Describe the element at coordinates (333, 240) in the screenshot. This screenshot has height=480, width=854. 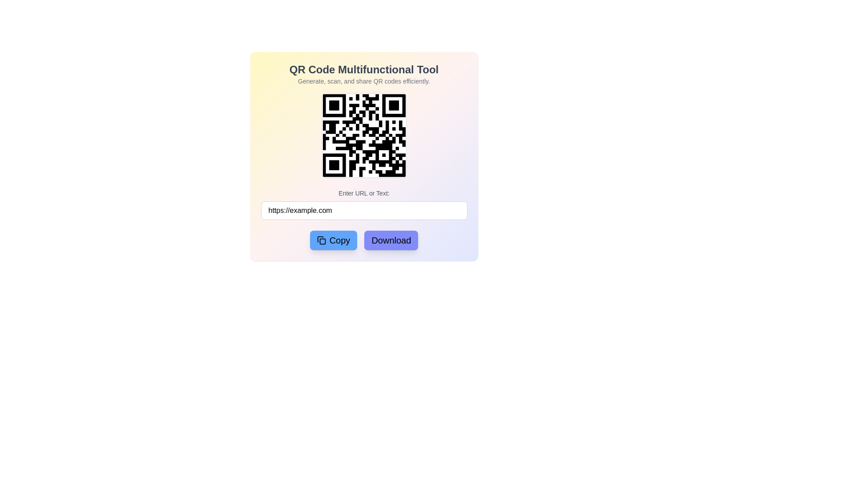
I see `the 'Copy' button, which is a rectangular button with rounded corners, filled with a blue gradient, featuring an icon of overlapping sheets of paper and the word 'Copy' in bold text` at that location.